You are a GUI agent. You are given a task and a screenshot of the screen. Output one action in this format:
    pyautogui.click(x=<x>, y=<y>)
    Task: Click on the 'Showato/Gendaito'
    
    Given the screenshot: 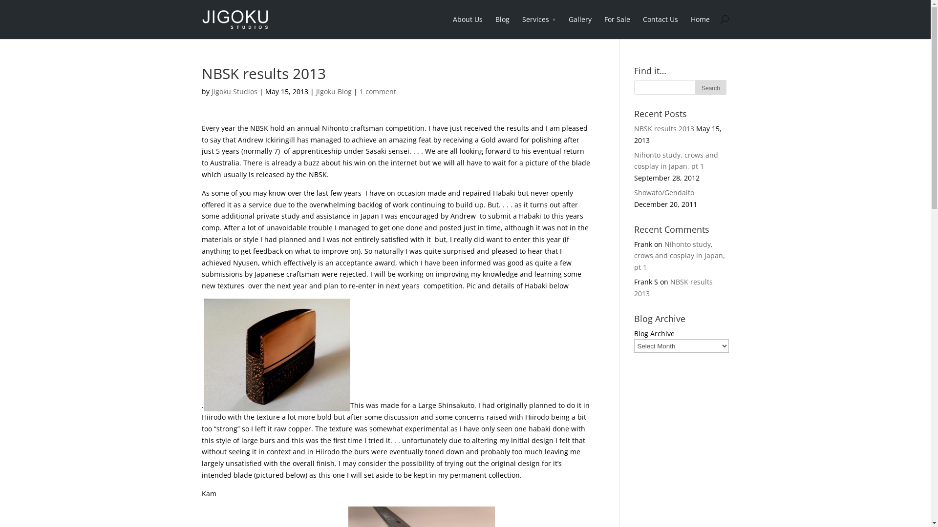 What is the action you would take?
    pyautogui.click(x=664, y=192)
    